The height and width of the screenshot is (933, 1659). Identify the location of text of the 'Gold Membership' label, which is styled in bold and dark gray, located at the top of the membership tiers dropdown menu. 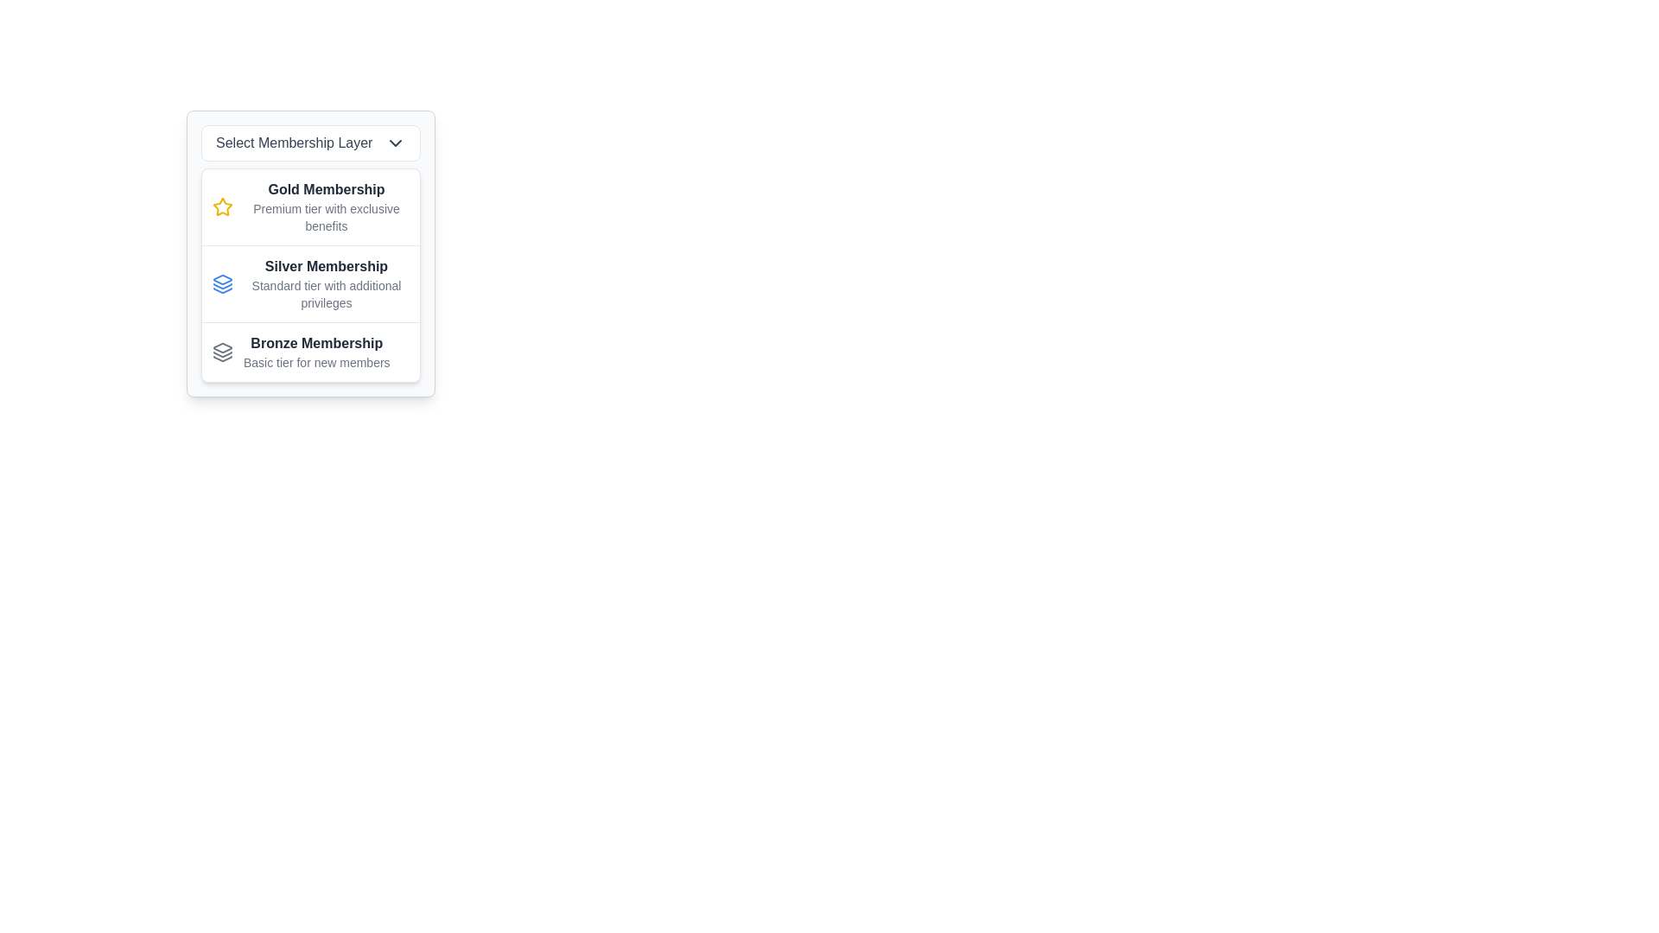
(327, 189).